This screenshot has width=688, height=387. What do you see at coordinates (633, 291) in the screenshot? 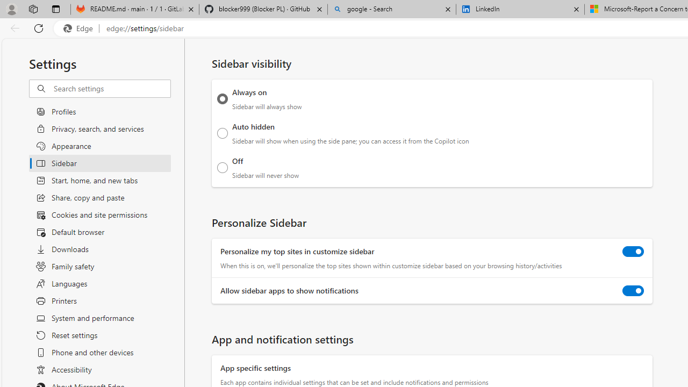
I see `'Allow sidebar apps to show notifications'` at bounding box center [633, 291].